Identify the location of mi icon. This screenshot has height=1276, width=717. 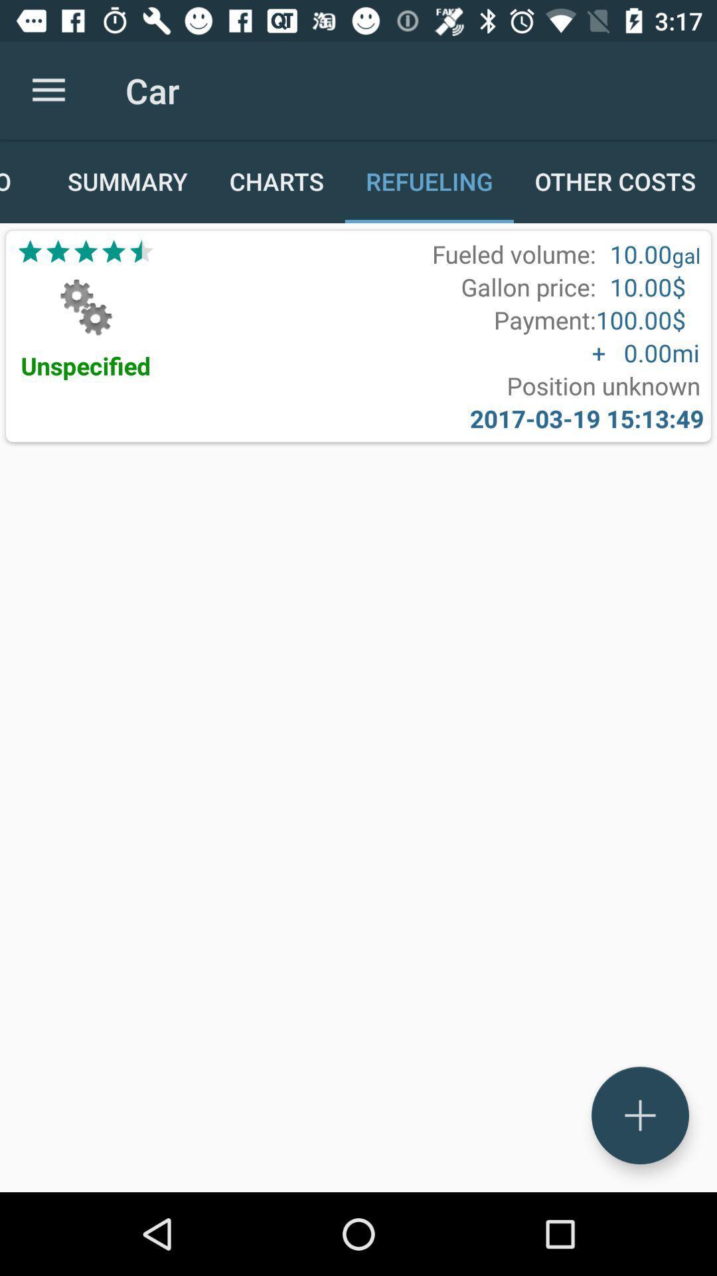
(686, 353).